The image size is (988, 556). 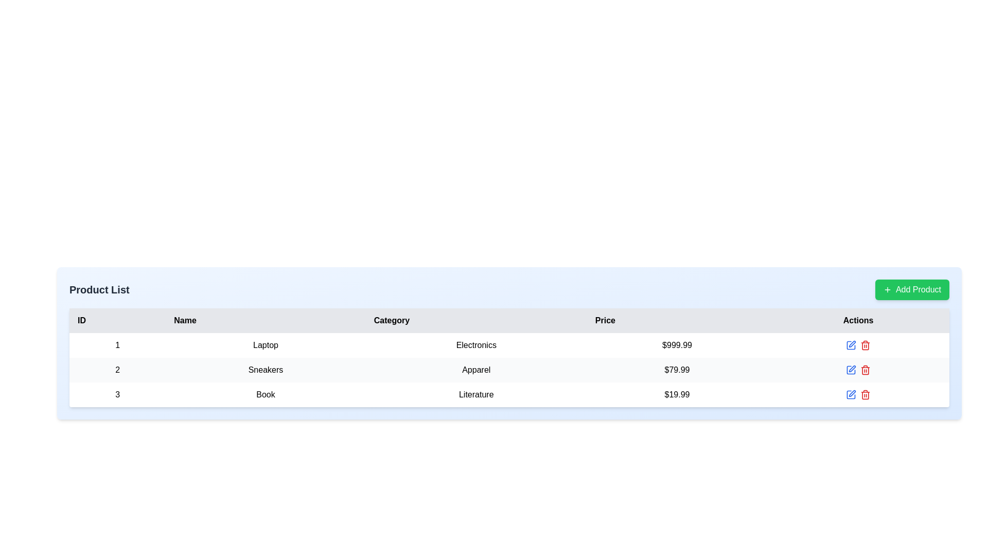 What do you see at coordinates (852, 344) in the screenshot?
I see `the edit icon button located in the 'Actions' column of the first row for the product 'Laptop'` at bounding box center [852, 344].